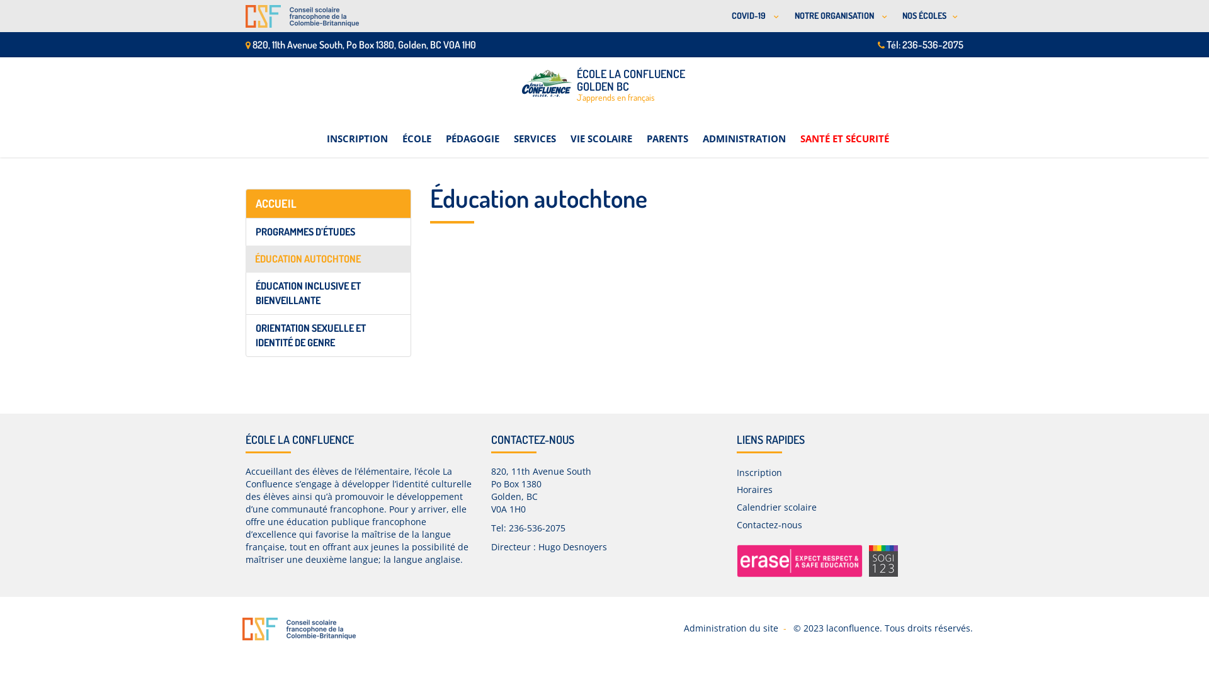 The image size is (1209, 680). What do you see at coordinates (572, 546) in the screenshot?
I see `'Hugo Desnoyers'` at bounding box center [572, 546].